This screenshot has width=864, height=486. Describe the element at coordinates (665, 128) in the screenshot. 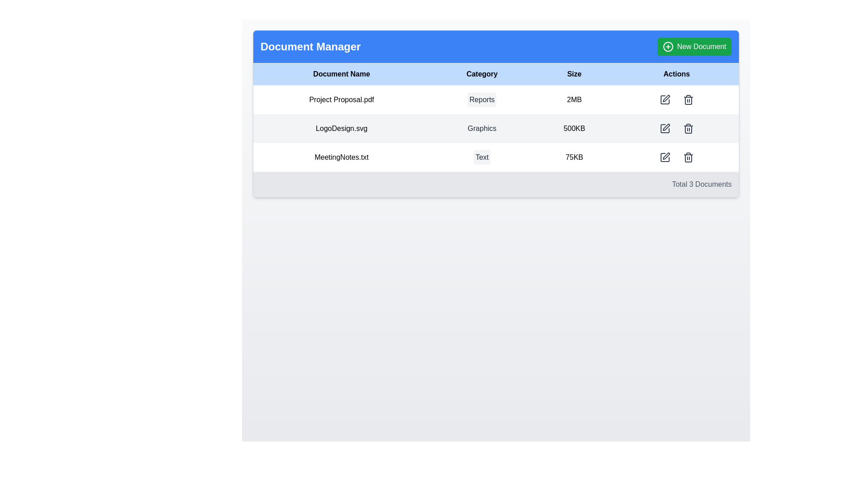

I see `the pen icon enclosed in a square outline located in the 'Actions' column of the second row associated with the 'LogoDesign.svg' document` at that location.